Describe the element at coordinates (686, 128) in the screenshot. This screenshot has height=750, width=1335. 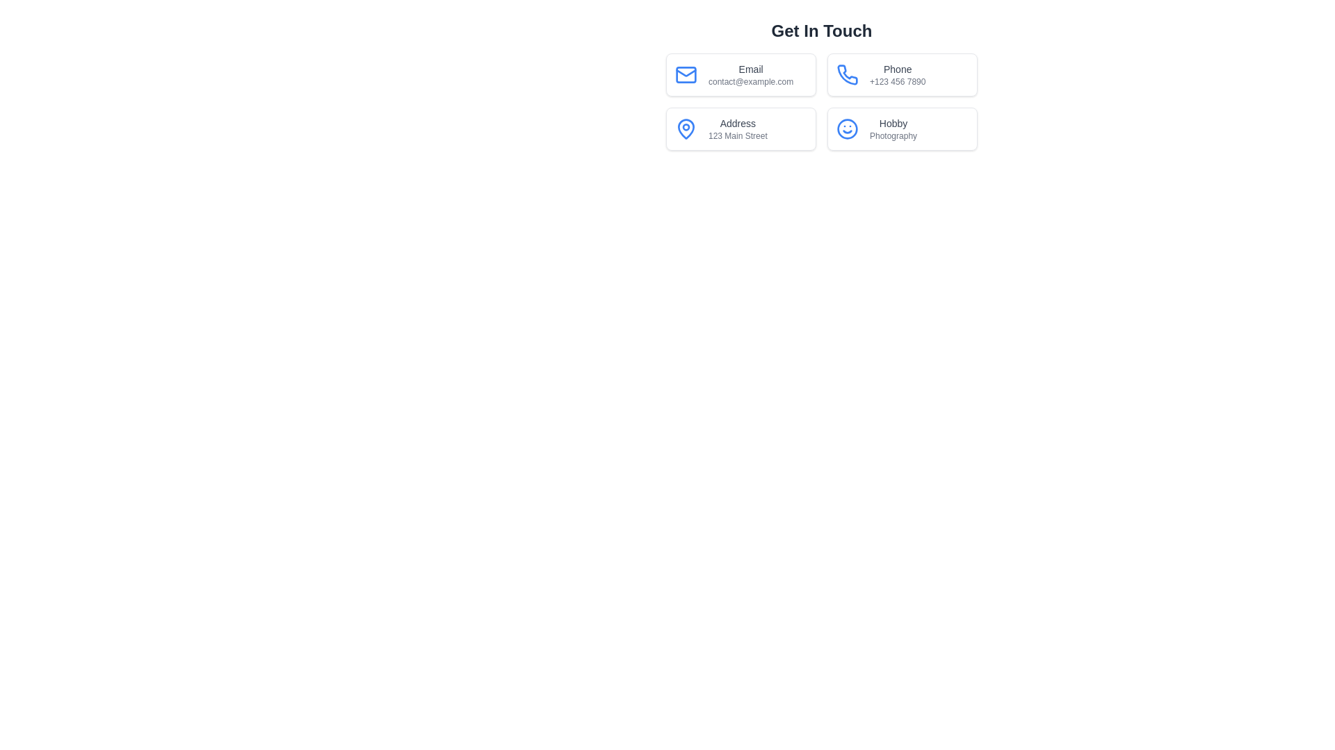
I see `the blue pin-shaped icon located to the left of the '123 Main Street' text in the 'Address' section of the UI` at that location.